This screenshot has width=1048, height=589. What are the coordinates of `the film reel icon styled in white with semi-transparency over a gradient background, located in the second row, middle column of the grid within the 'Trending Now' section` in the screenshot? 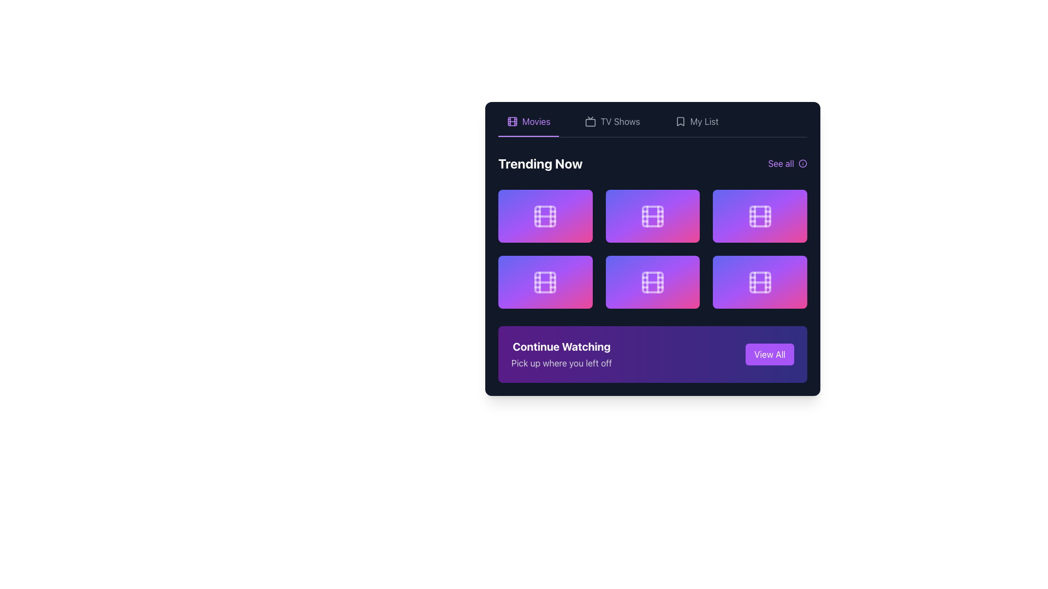 It's located at (652, 216).